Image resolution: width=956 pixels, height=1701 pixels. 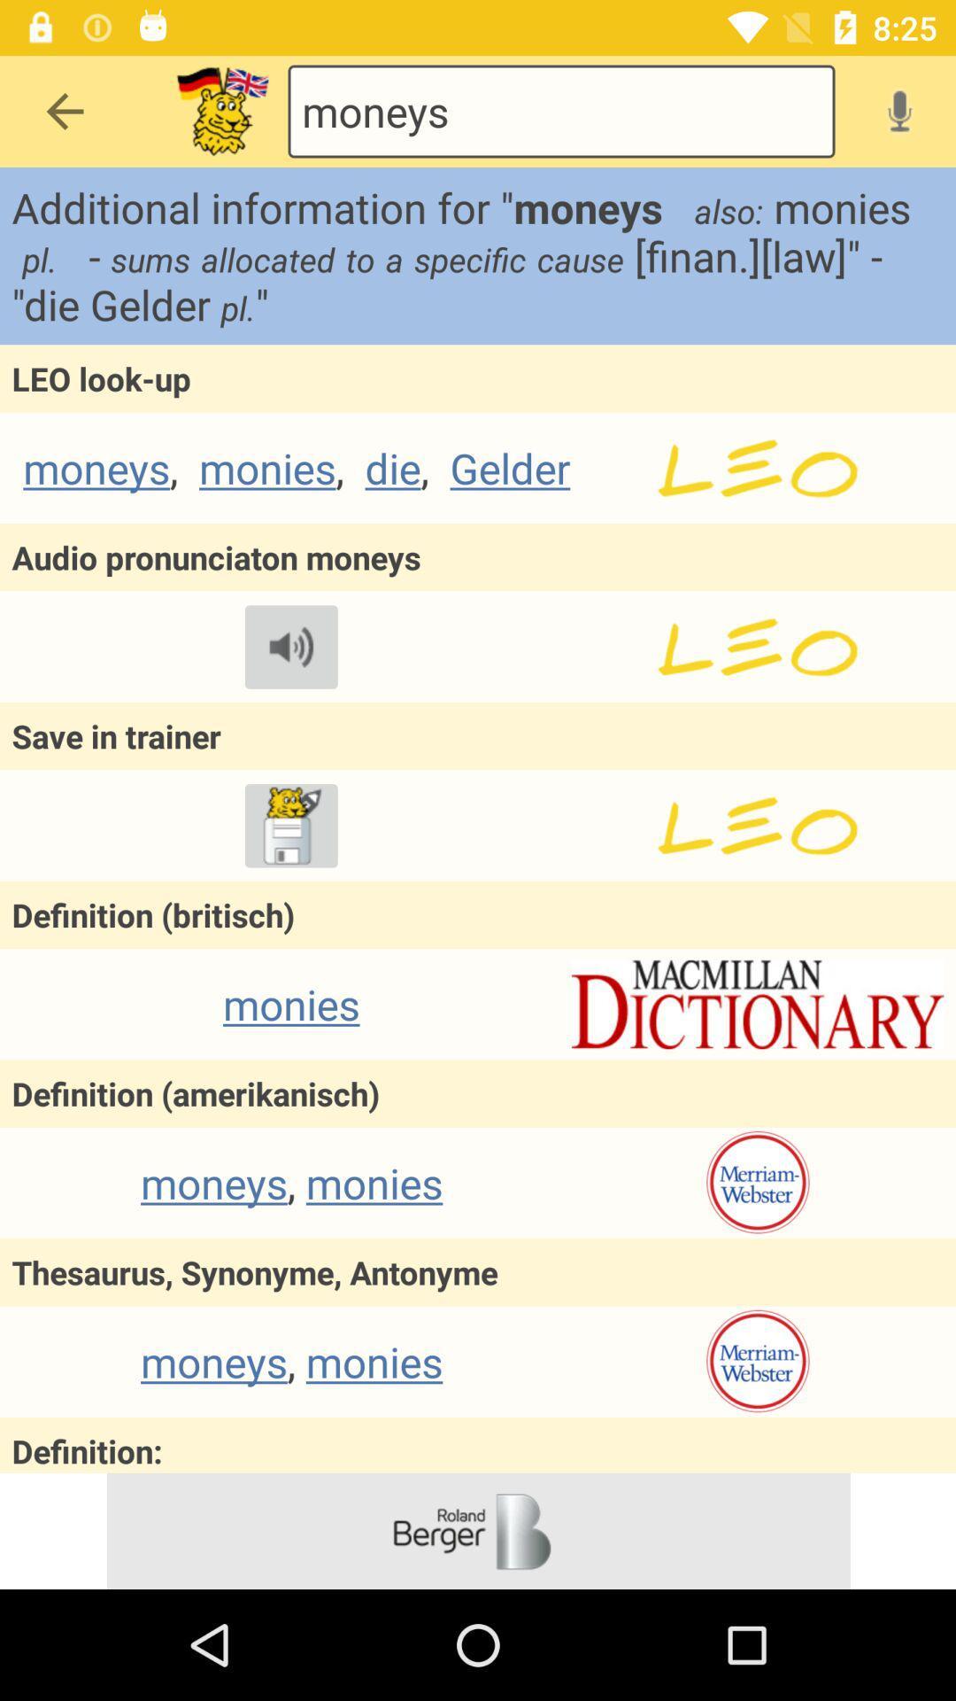 I want to click on name, so click(x=757, y=646).